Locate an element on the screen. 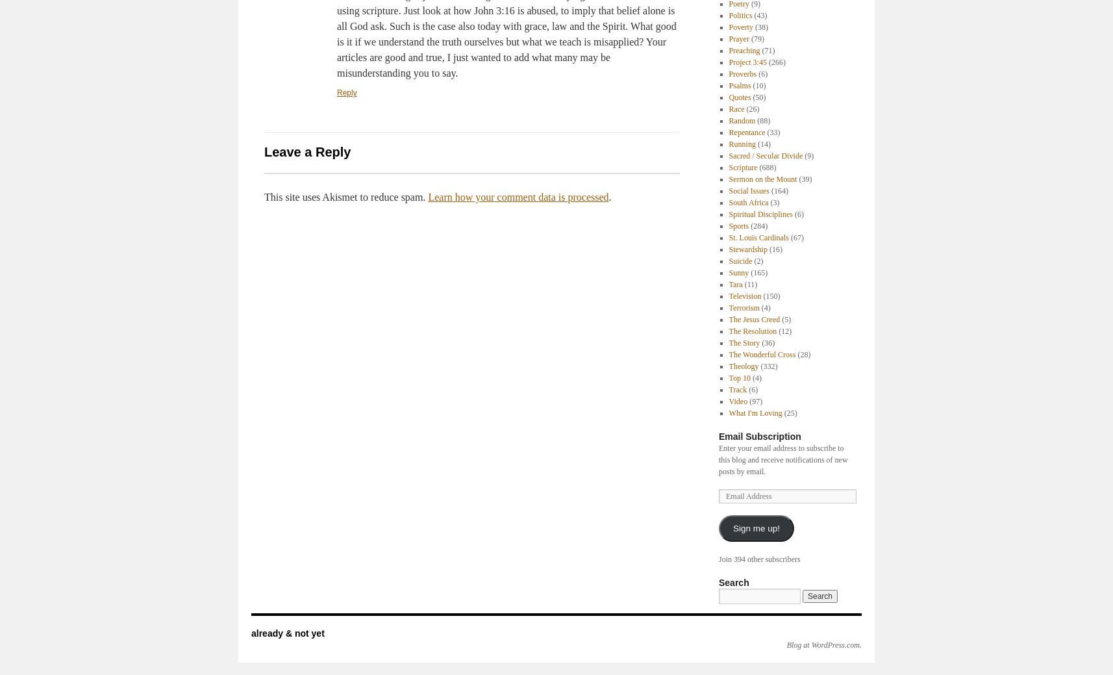 The image size is (1113, 675). 'Stewardship' is located at coordinates (747, 249).